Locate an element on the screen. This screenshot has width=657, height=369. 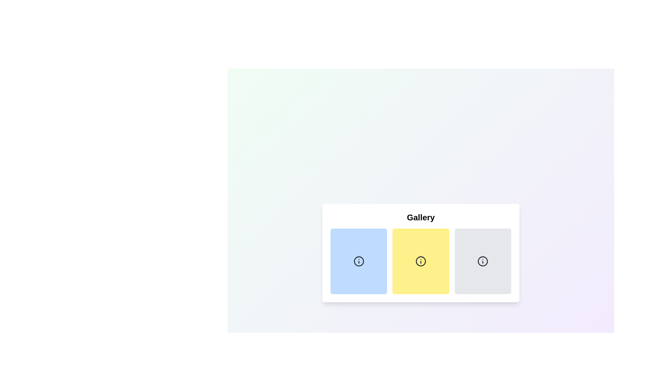
the yellow rectangular card with rounded corners that features an 'info' icon, positioned as the second card in a gallery layout beneath the 'Gallery' heading is located at coordinates (420, 253).